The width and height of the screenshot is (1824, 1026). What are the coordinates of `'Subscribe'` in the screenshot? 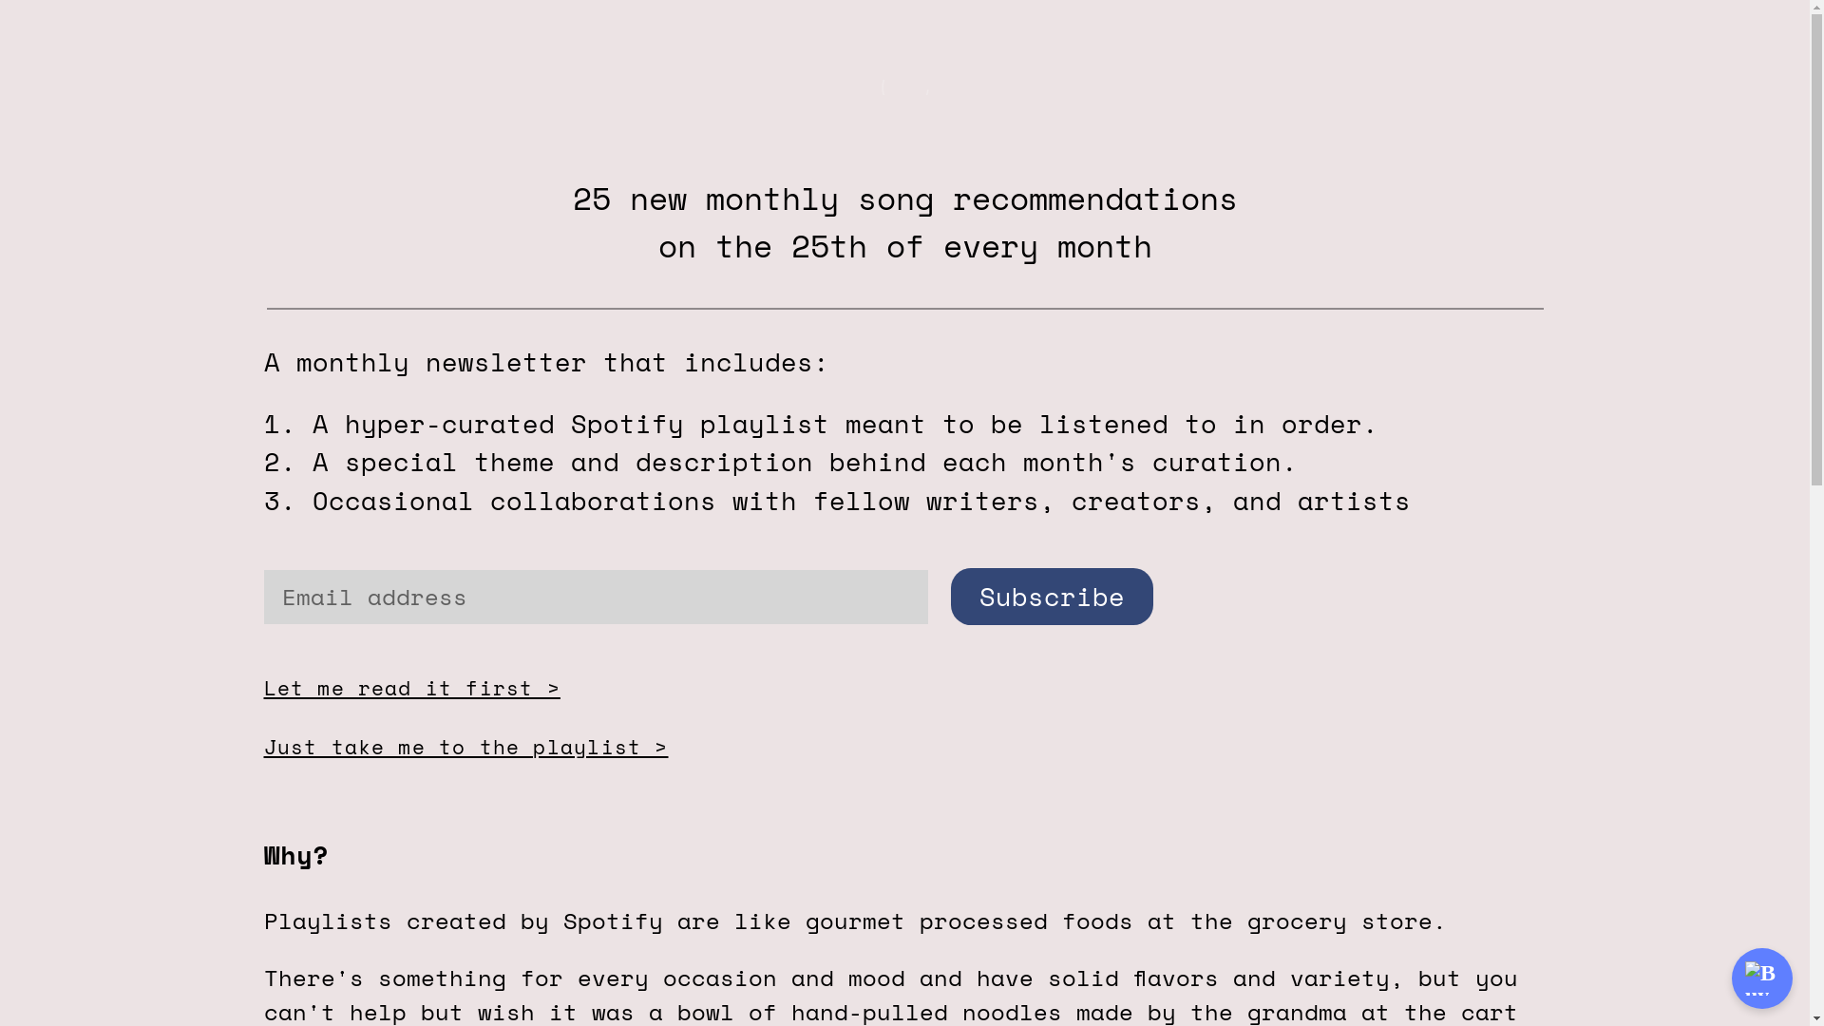 It's located at (1050, 596).